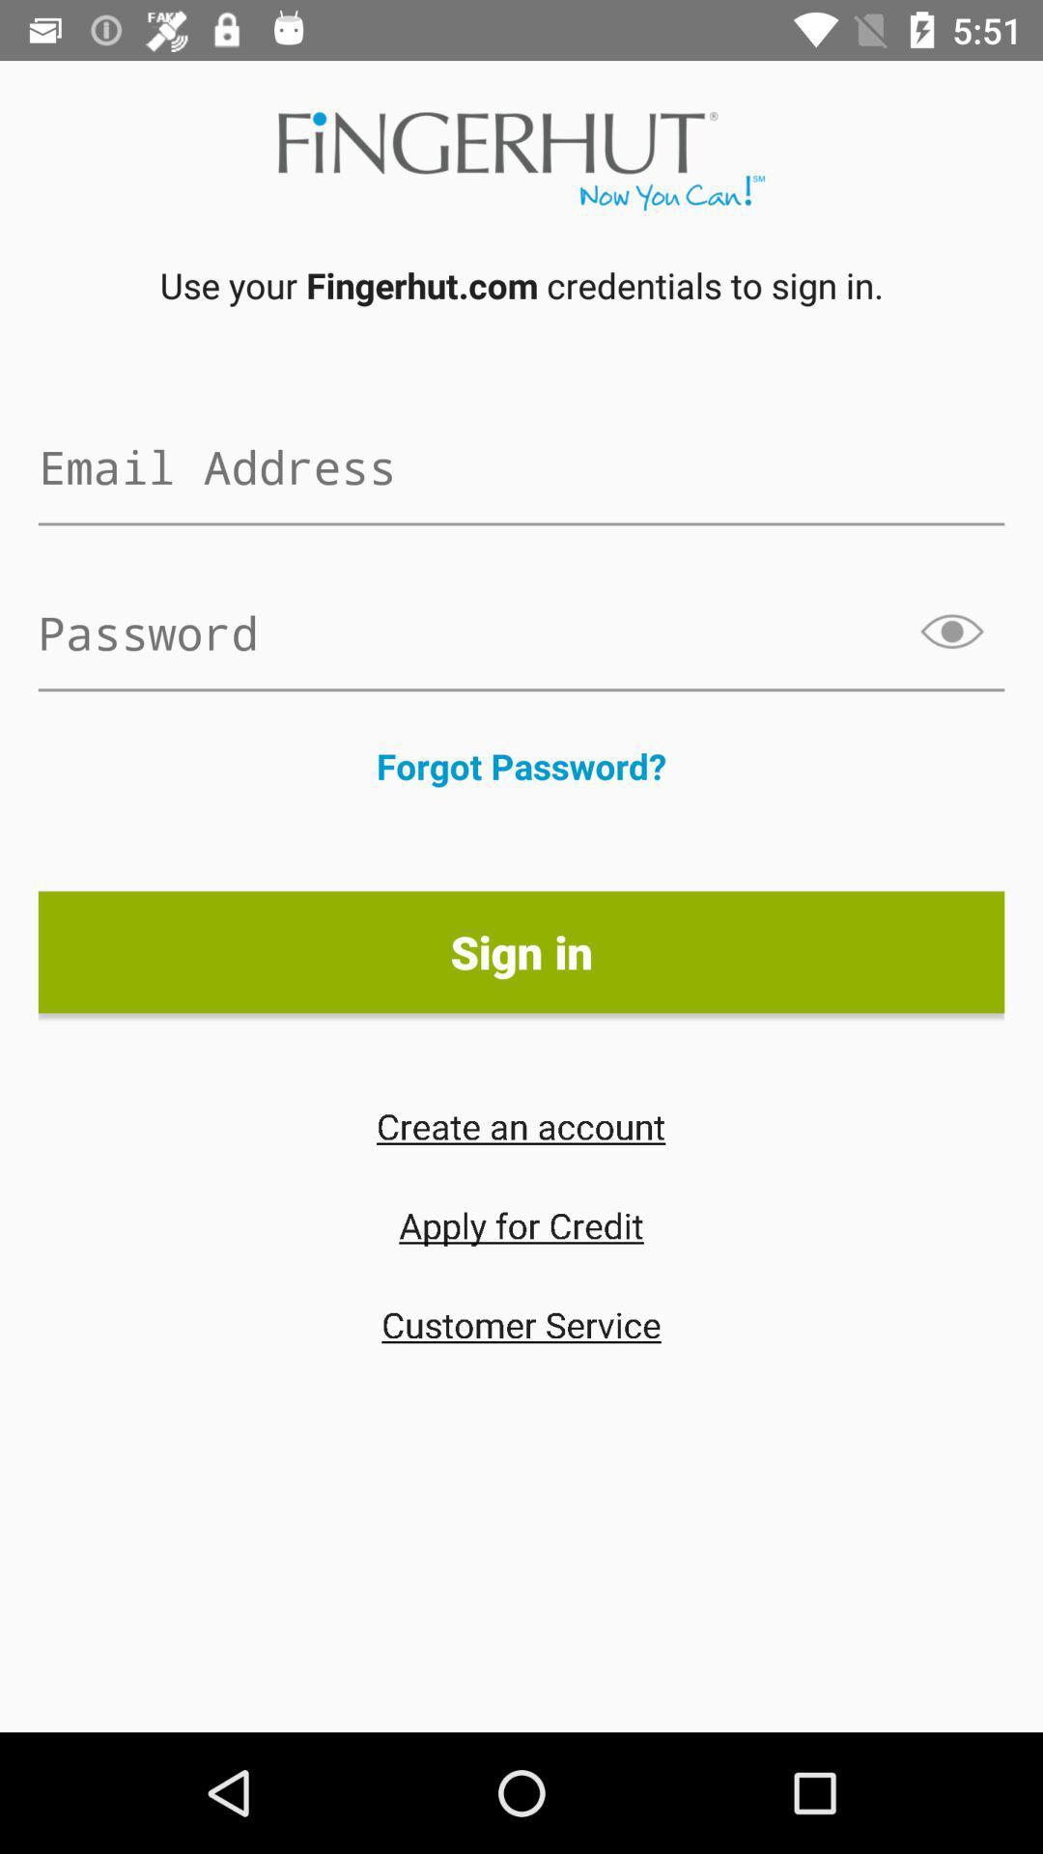  What do you see at coordinates (521, 1223) in the screenshot?
I see `icon above customer service` at bounding box center [521, 1223].